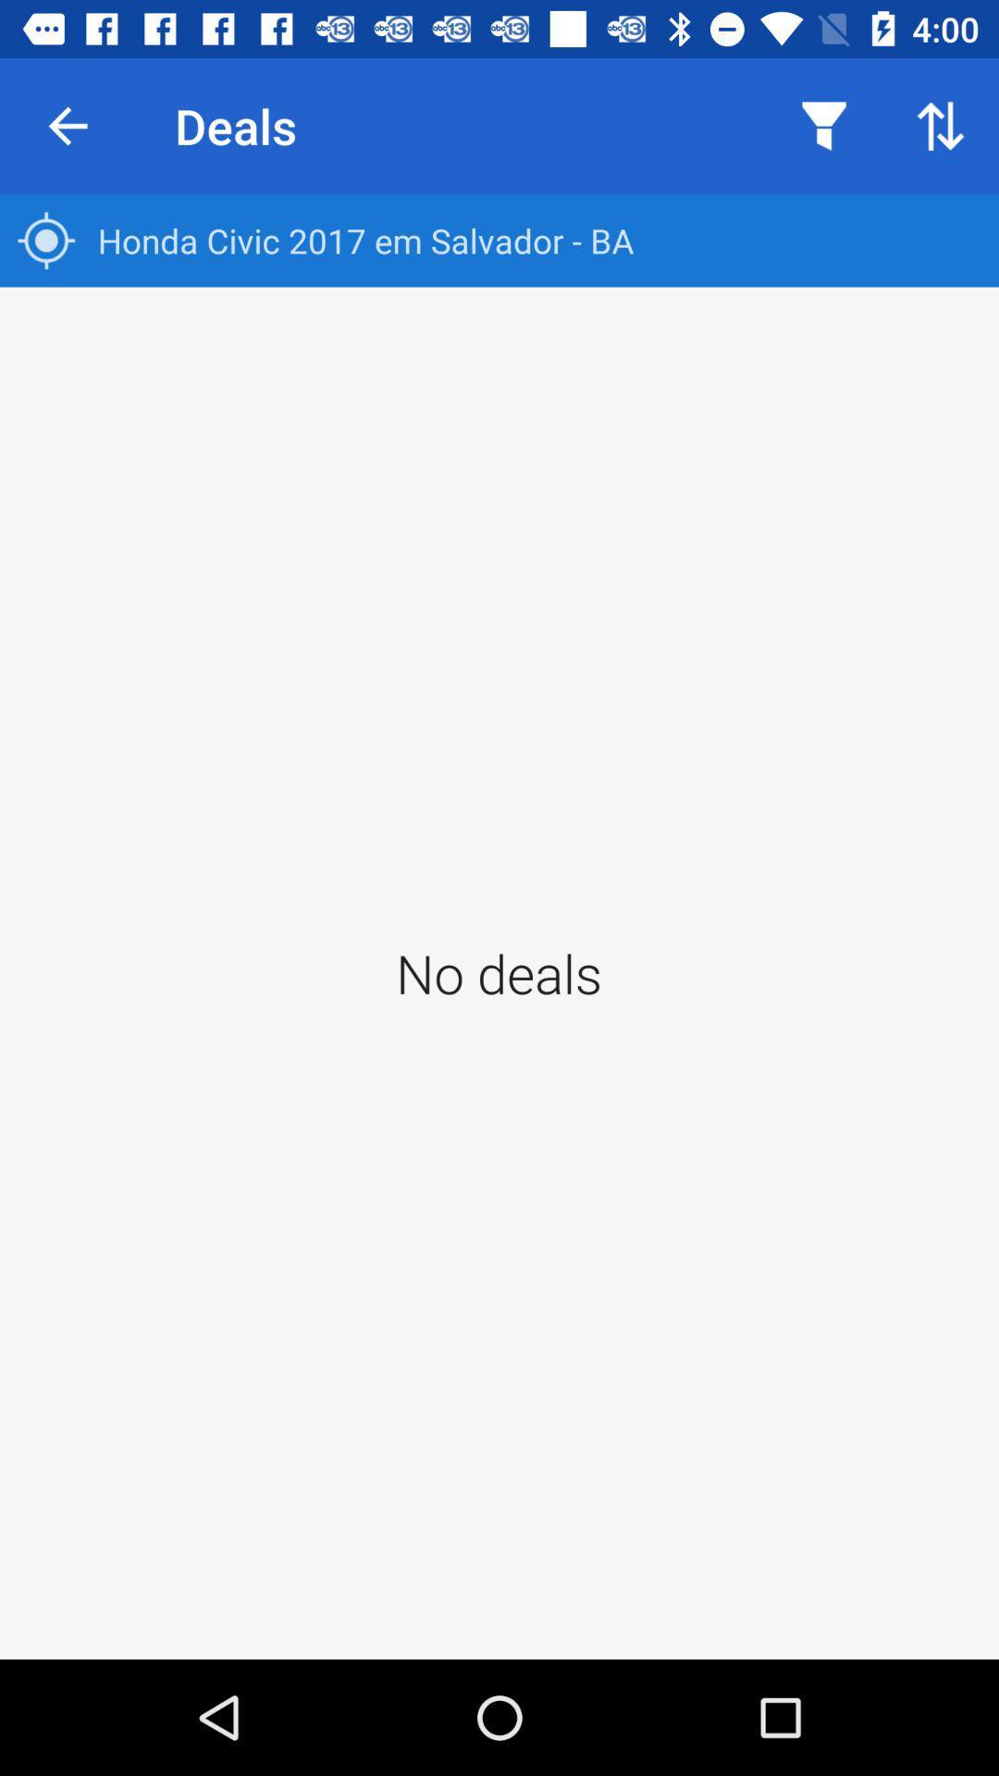 Image resolution: width=999 pixels, height=1776 pixels. Describe the element at coordinates (499, 240) in the screenshot. I see `item above no deals item` at that location.